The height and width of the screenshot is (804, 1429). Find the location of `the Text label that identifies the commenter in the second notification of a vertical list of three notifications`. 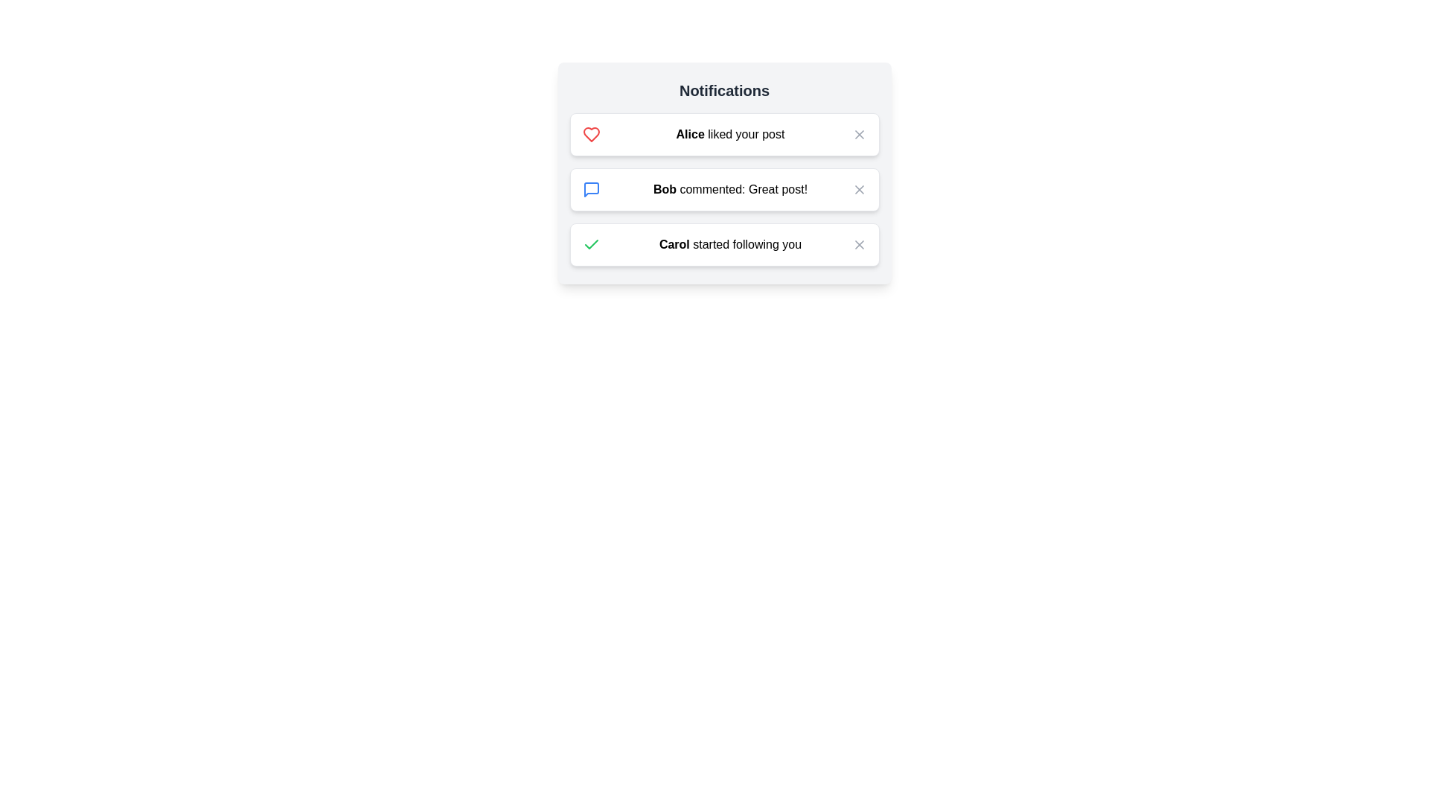

the Text label that identifies the commenter in the second notification of a vertical list of three notifications is located at coordinates (664, 188).